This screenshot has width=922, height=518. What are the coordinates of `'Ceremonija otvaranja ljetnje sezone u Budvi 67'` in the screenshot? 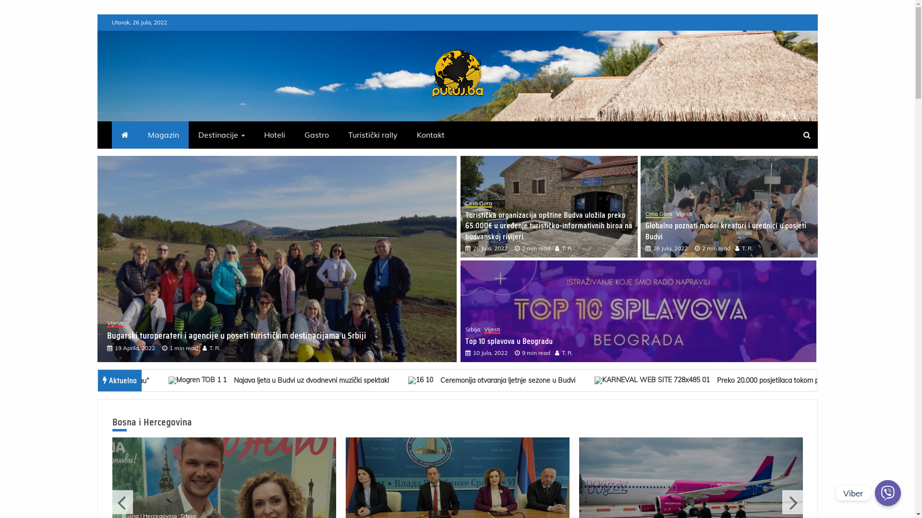 It's located at (518, 380).